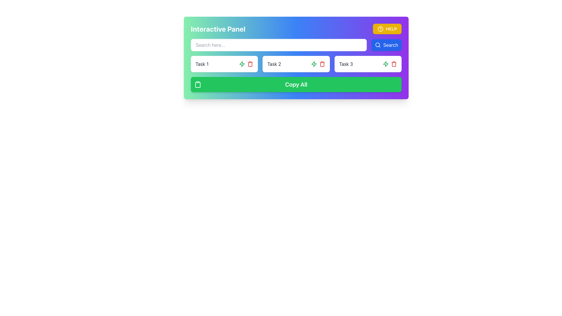 The height and width of the screenshot is (316, 562). I want to click on the zap icon located at the right-edge of the 'Task 3' block, so click(390, 64).